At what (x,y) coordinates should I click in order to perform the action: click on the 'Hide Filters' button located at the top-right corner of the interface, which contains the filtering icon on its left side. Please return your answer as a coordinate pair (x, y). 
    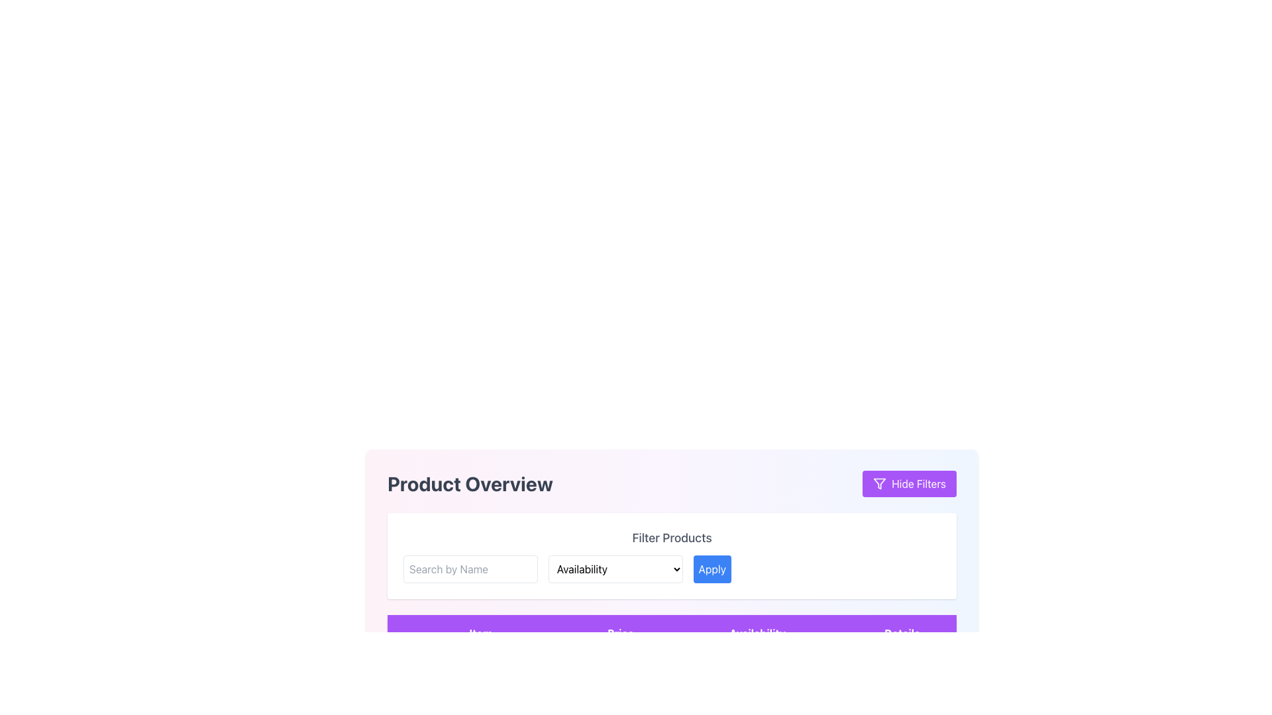
    Looking at the image, I should click on (880, 484).